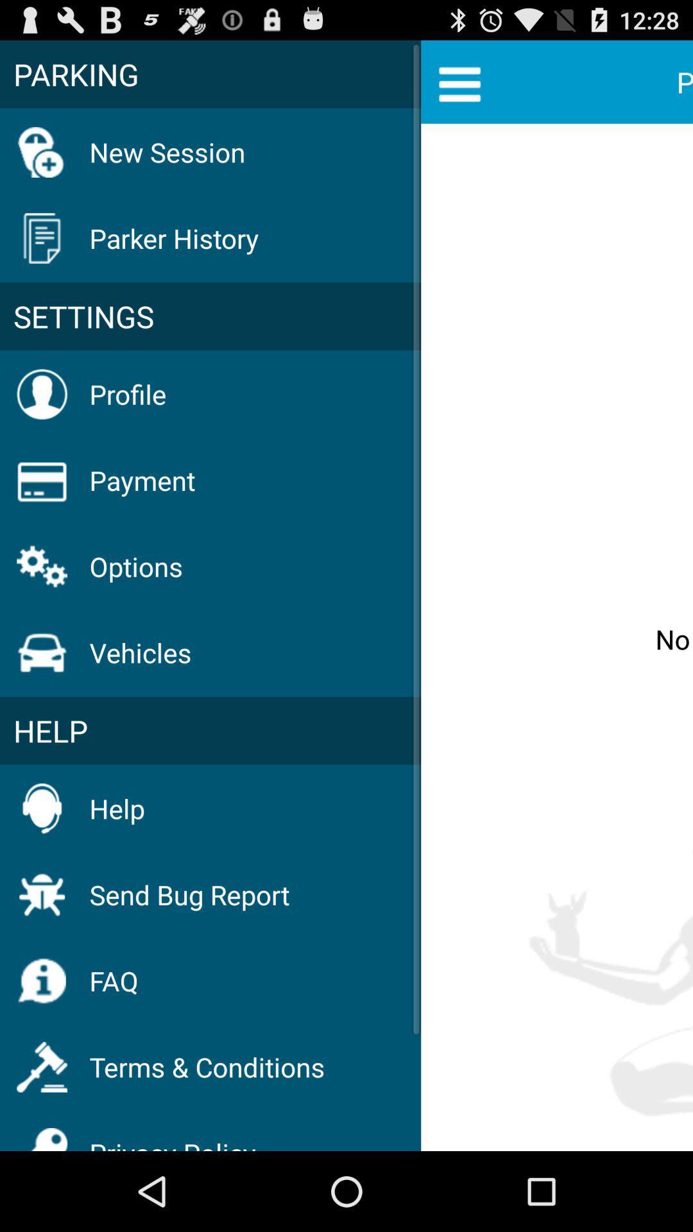  I want to click on the vehicles icon, so click(141, 653).